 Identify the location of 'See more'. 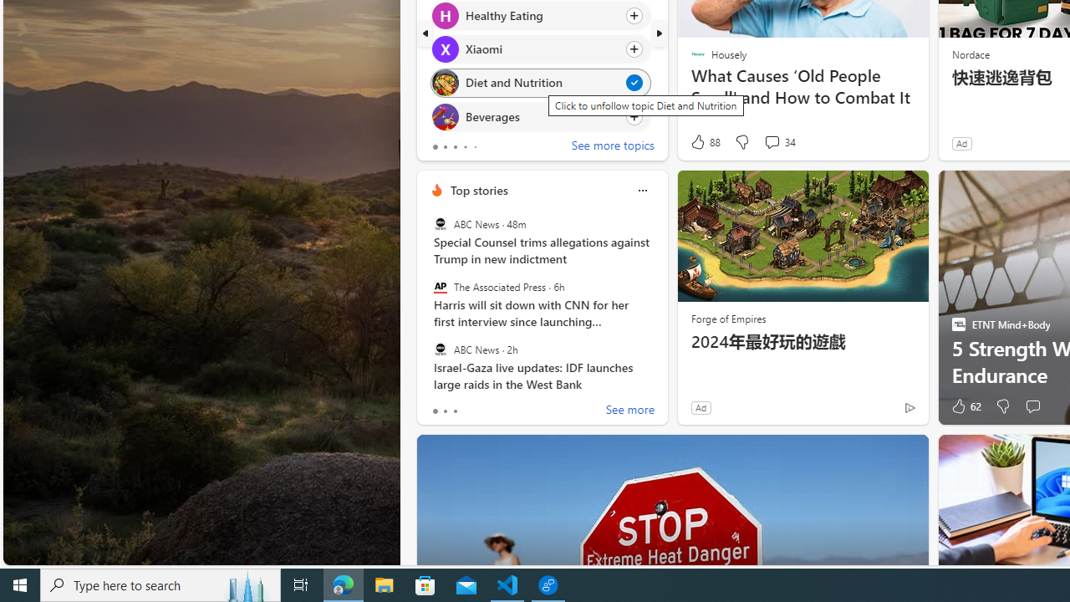
(629, 411).